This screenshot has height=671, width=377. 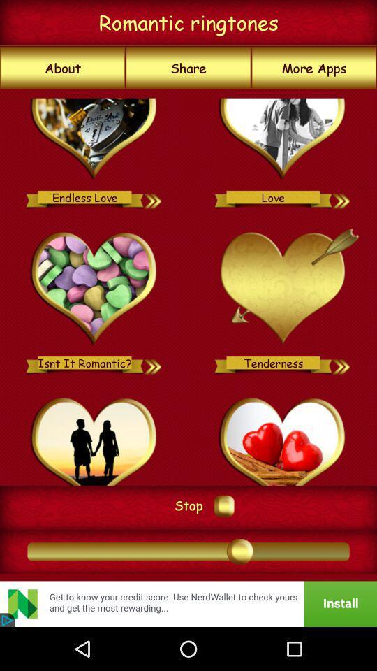 I want to click on the item to the left of the more apps item, so click(x=188, y=68).